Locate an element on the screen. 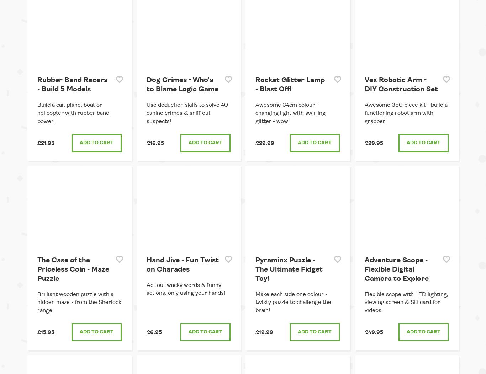 Image resolution: width=486 pixels, height=374 pixels. 'Act out wacky words & funny actions, only using your hands!' is located at coordinates (146, 289).